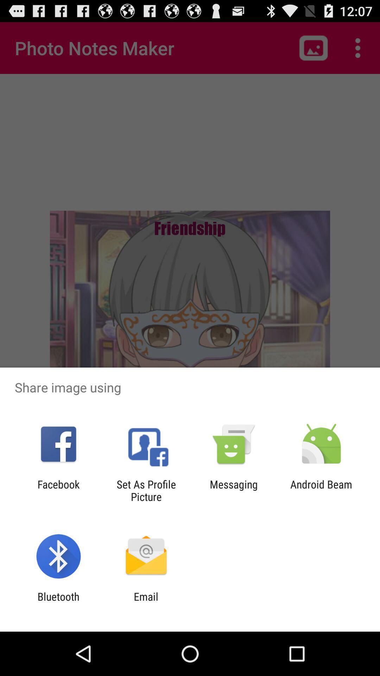 Image resolution: width=380 pixels, height=676 pixels. Describe the element at coordinates (234, 490) in the screenshot. I see `item to the right of set as profile item` at that location.